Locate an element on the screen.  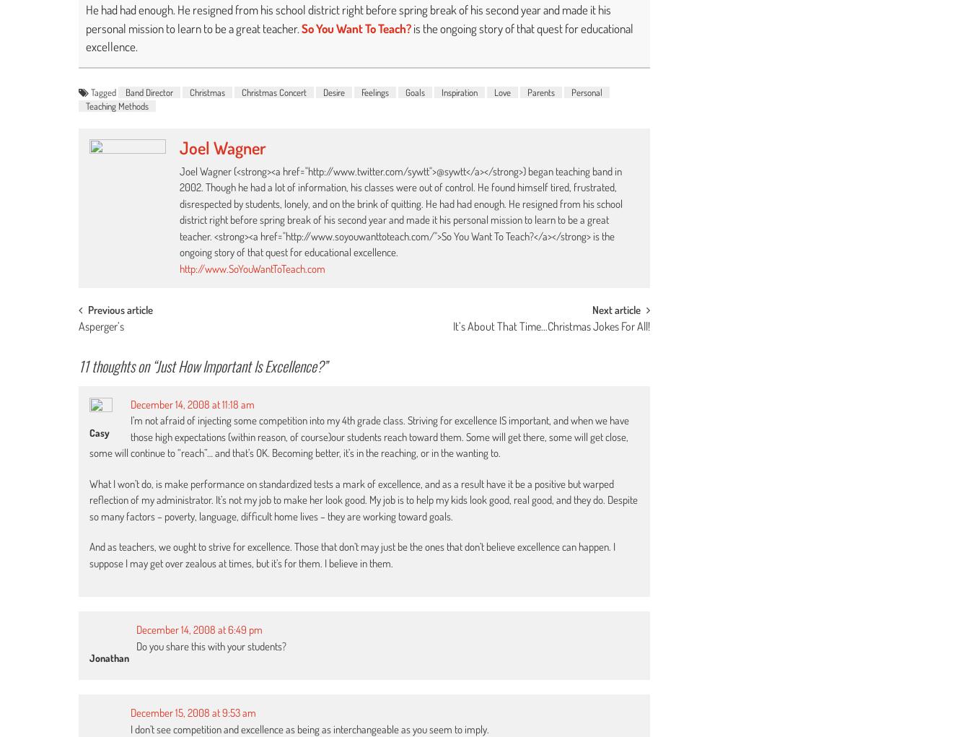
'Casy' is located at coordinates (99, 432).